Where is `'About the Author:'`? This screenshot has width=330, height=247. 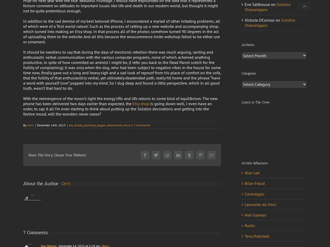
'About the Author:' is located at coordinates (42, 183).